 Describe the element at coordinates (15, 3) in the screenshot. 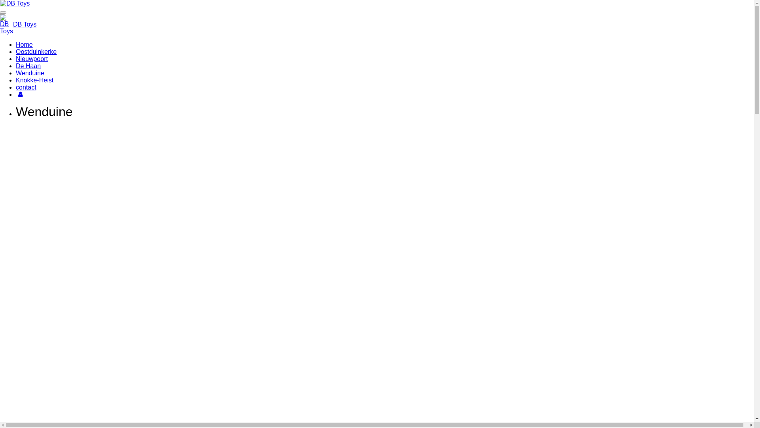

I see `'DB Toys'` at that location.